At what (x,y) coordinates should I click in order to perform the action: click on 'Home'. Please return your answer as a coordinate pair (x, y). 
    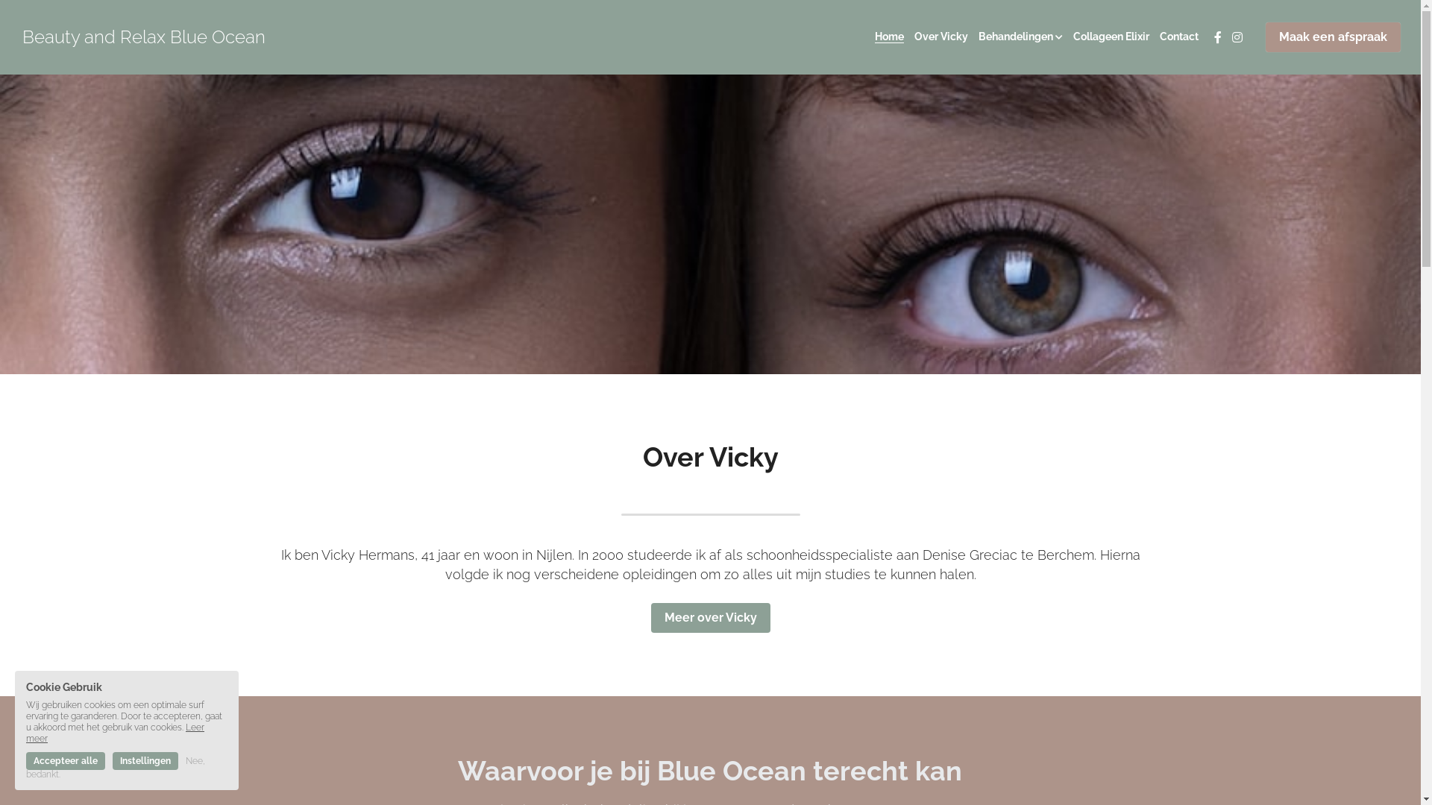
    Looking at the image, I should click on (874, 37).